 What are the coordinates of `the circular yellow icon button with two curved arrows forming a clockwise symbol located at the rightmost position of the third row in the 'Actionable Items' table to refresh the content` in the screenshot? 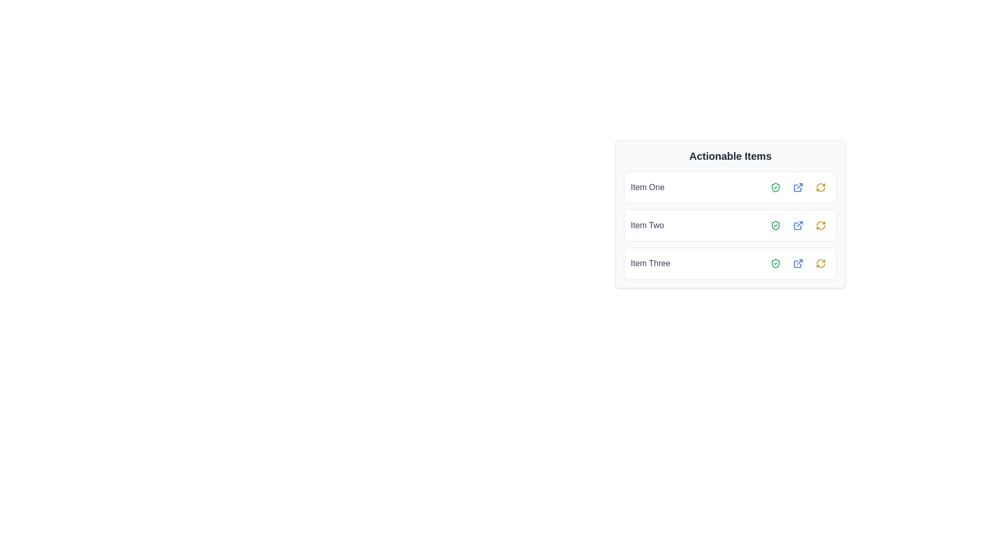 It's located at (820, 263).